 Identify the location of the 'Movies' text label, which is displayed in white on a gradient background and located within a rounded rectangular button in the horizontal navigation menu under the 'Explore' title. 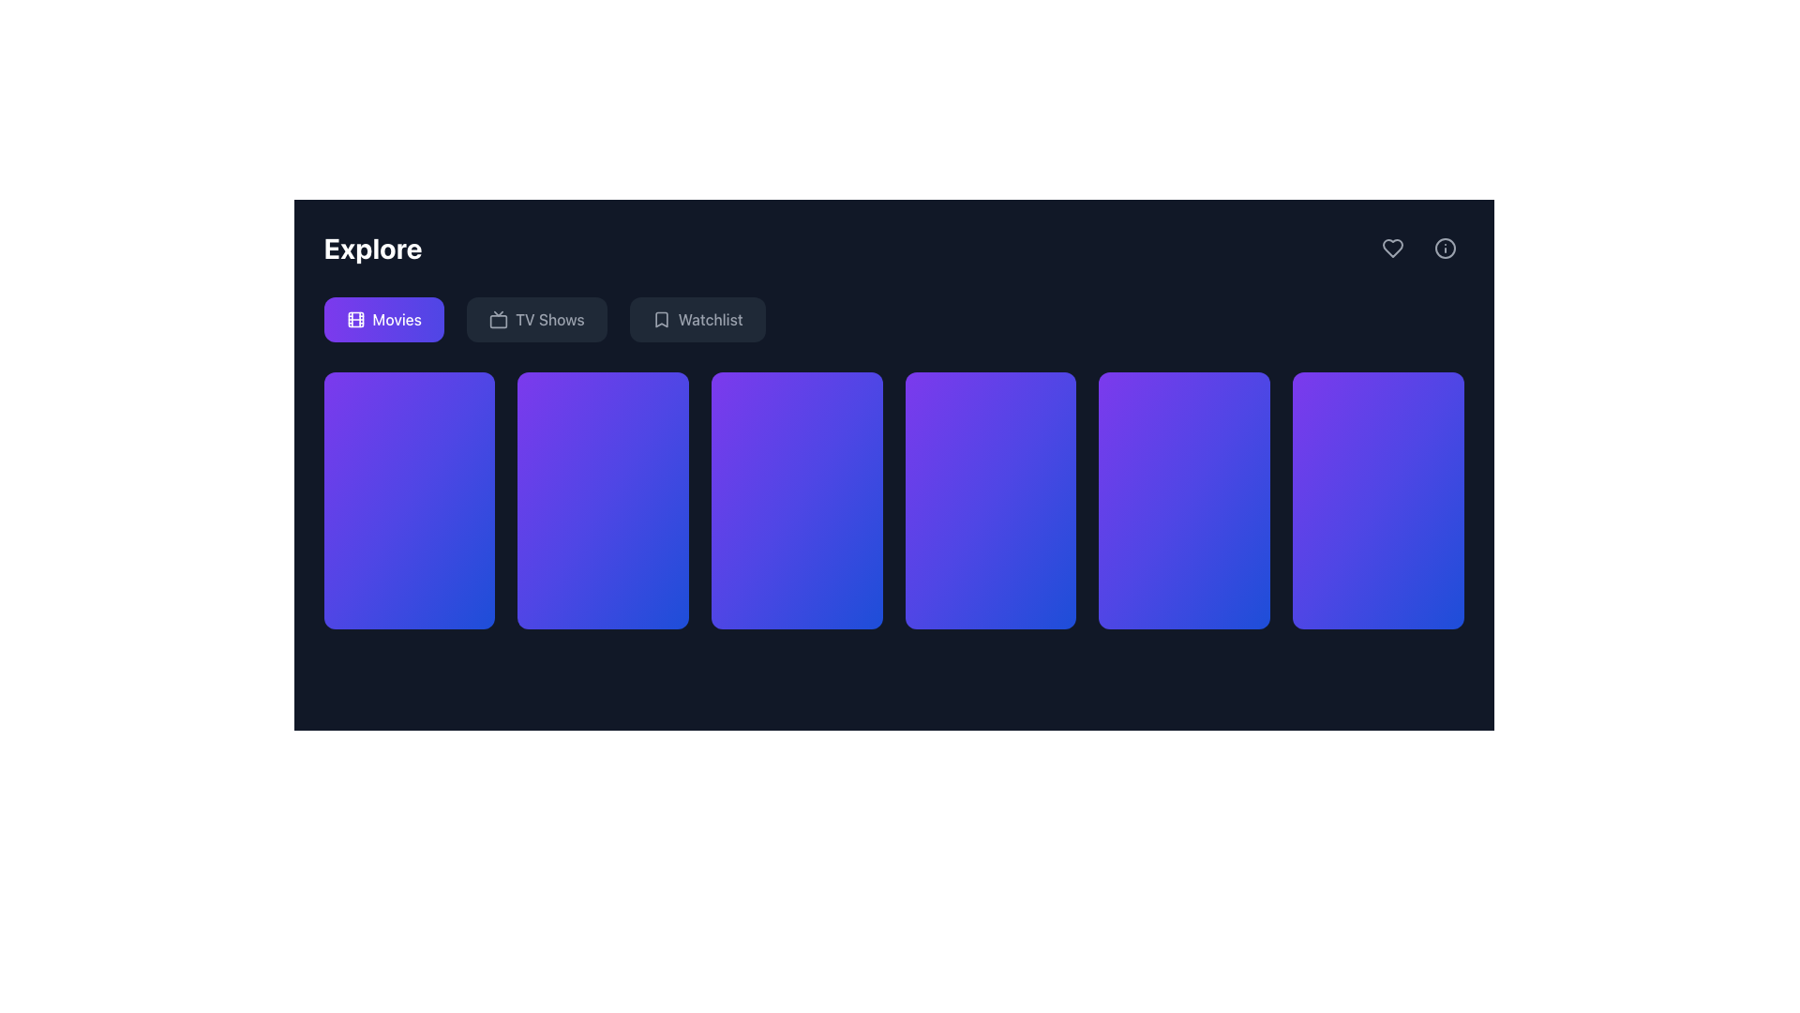
(396, 318).